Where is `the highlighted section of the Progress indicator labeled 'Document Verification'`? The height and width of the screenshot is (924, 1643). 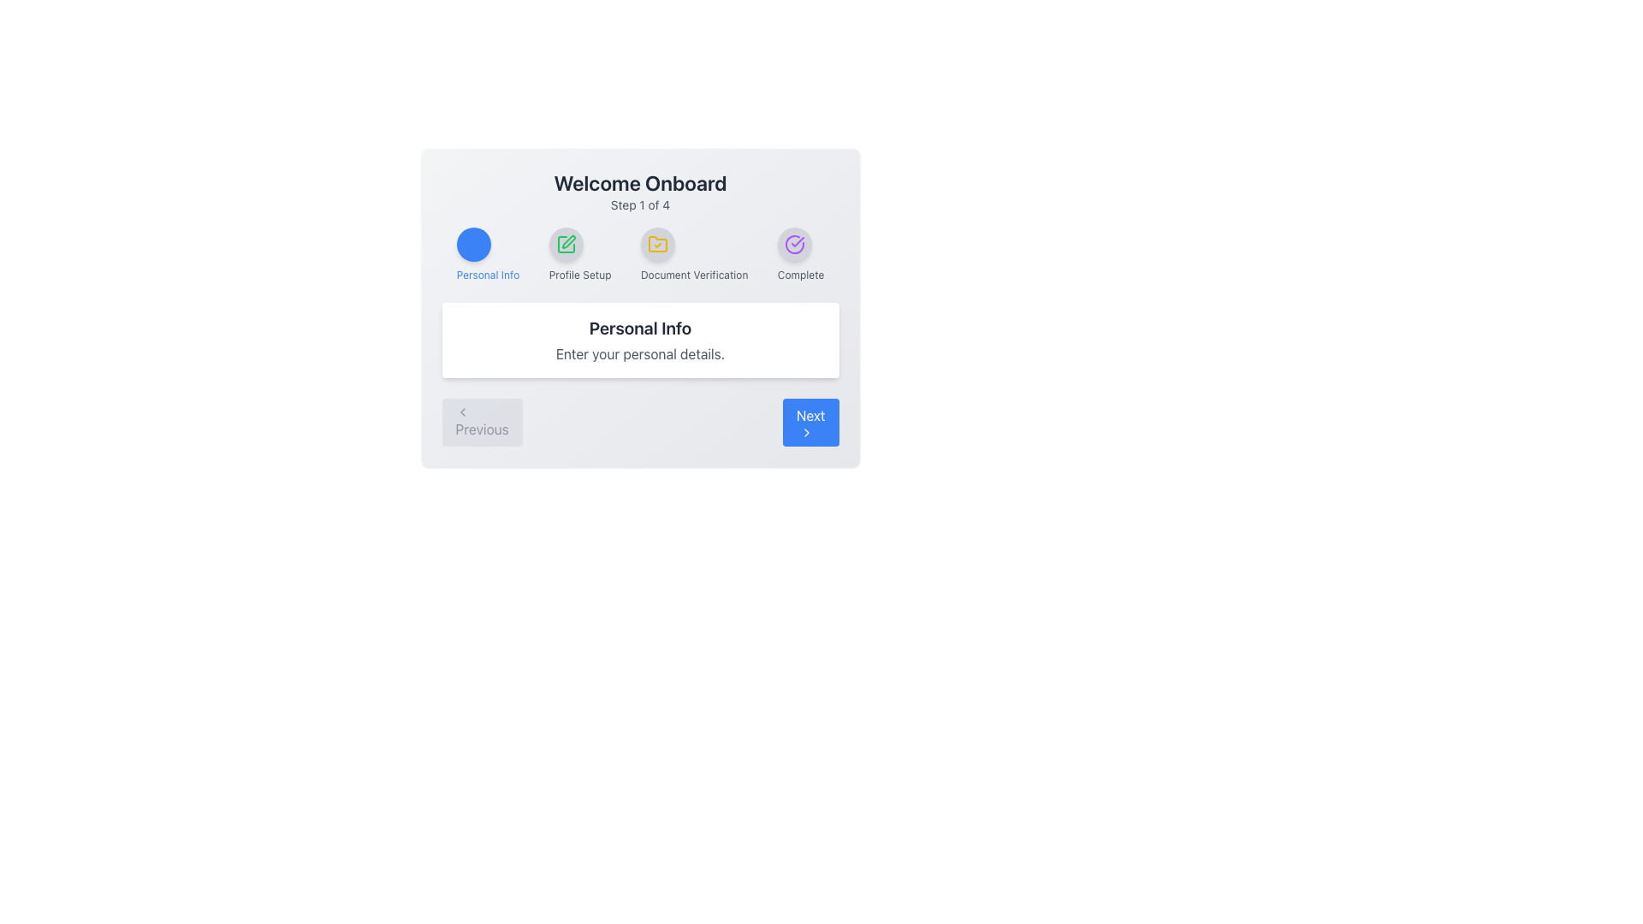
the highlighted section of the Progress indicator labeled 'Document Verification' is located at coordinates (639, 254).